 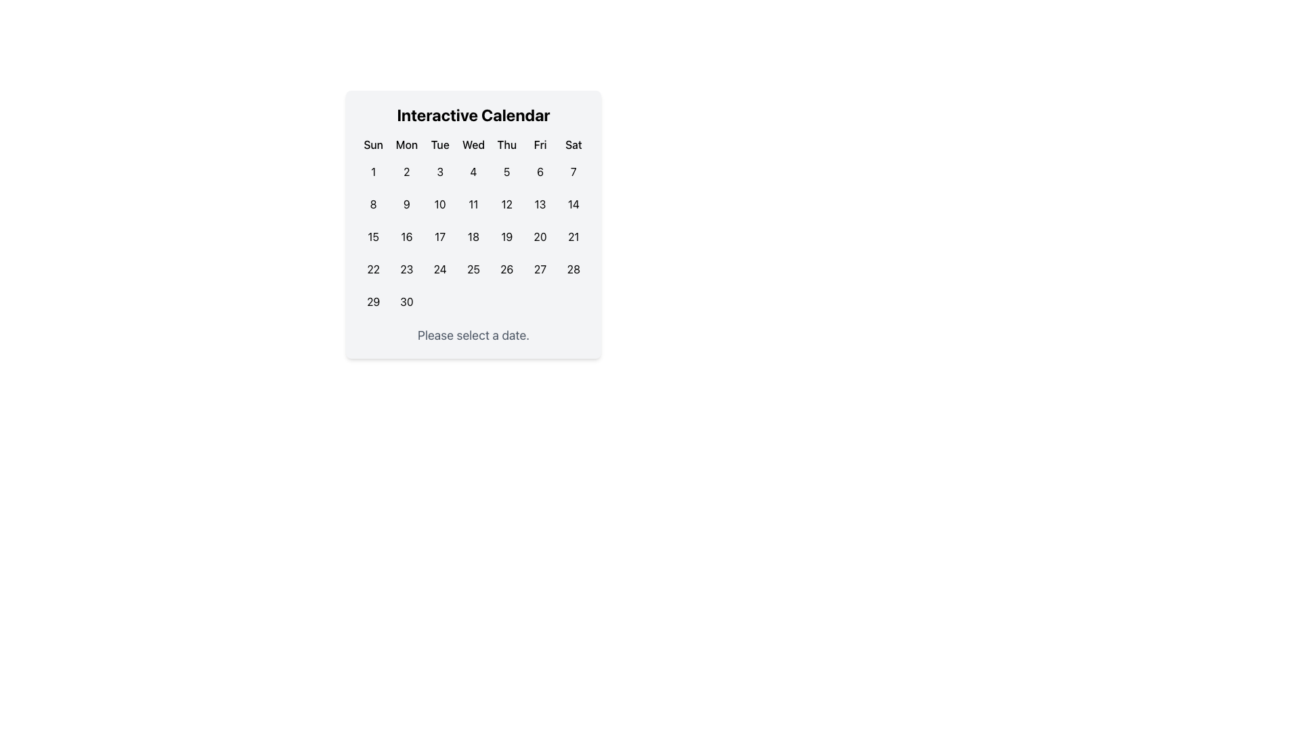 What do you see at coordinates (506, 171) in the screenshot?
I see `the selectable calendar date cell representing the 5th day of the month, located under the column labeled 'Thu'` at bounding box center [506, 171].